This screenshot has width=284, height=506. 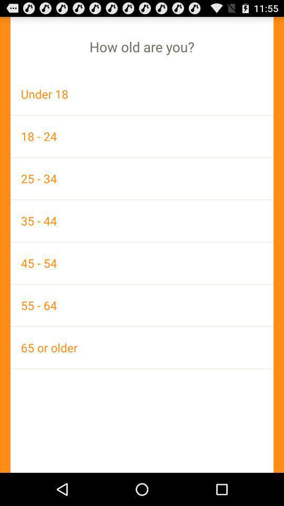 What do you see at coordinates (142, 93) in the screenshot?
I see `icon below the how old are item` at bounding box center [142, 93].